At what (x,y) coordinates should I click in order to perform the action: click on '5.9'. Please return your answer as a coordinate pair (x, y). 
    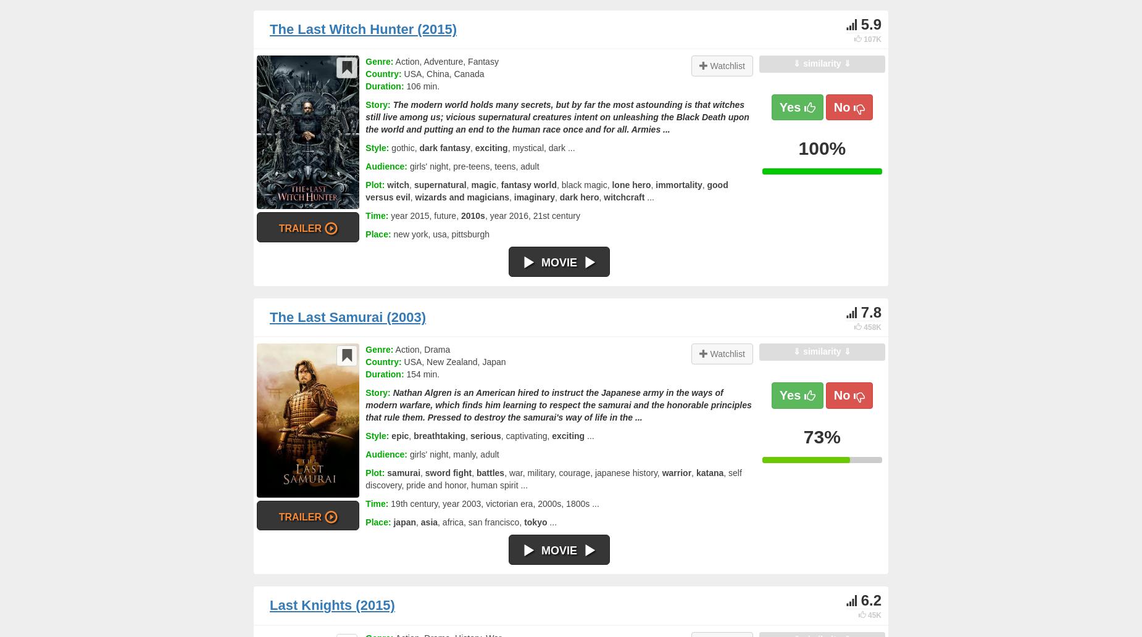
    Looking at the image, I should click on (870, 23).